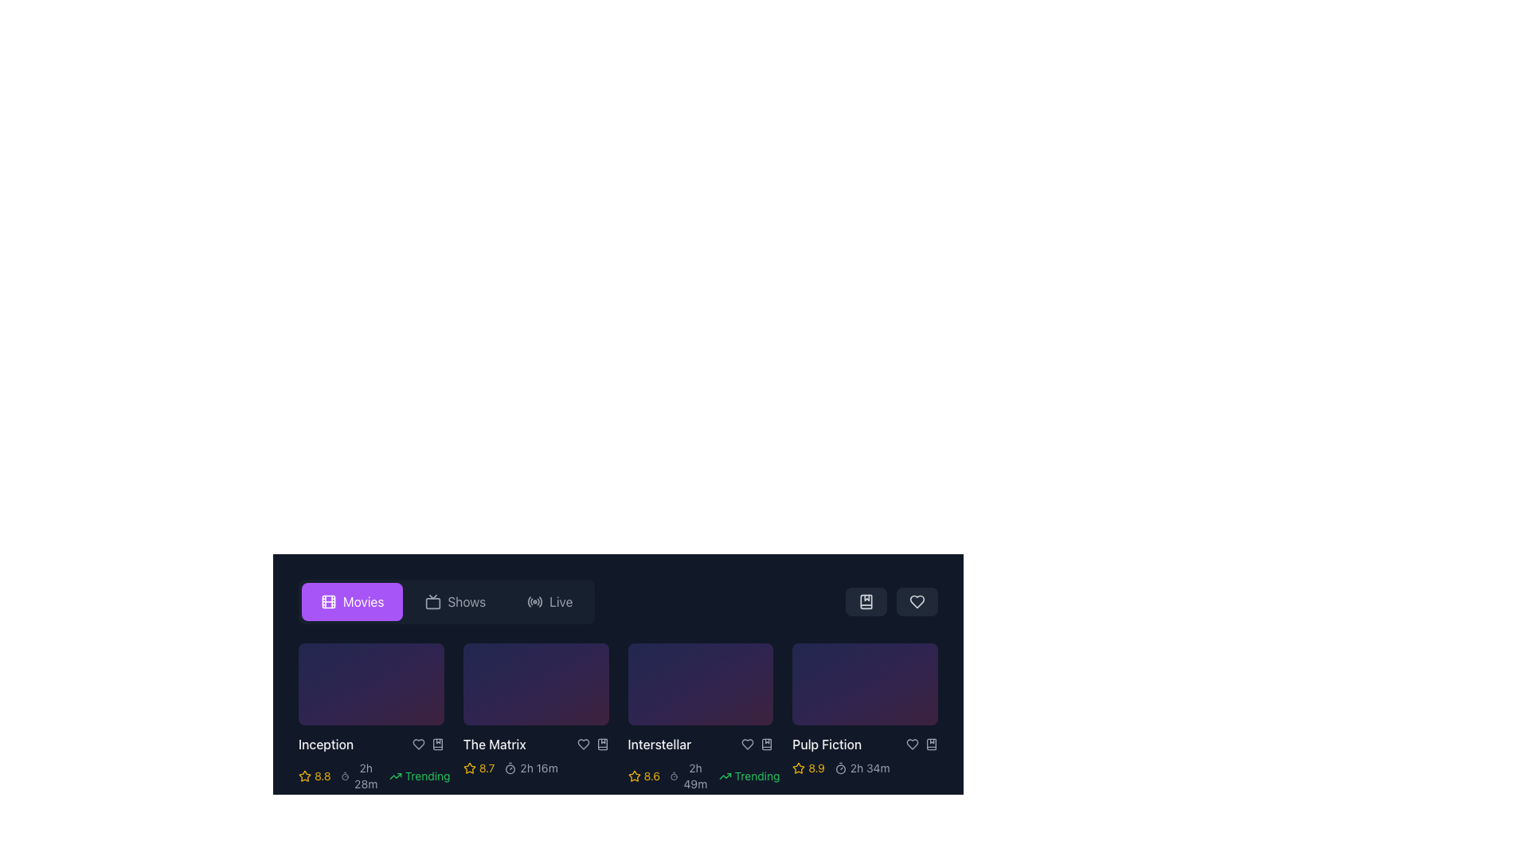 The width and height of the screenshot is (1529, 860). I want to click on the circular play button with a purple background and a play icon in the center, located at the bottom of the 'Inception' movie card, so click(370, 717).